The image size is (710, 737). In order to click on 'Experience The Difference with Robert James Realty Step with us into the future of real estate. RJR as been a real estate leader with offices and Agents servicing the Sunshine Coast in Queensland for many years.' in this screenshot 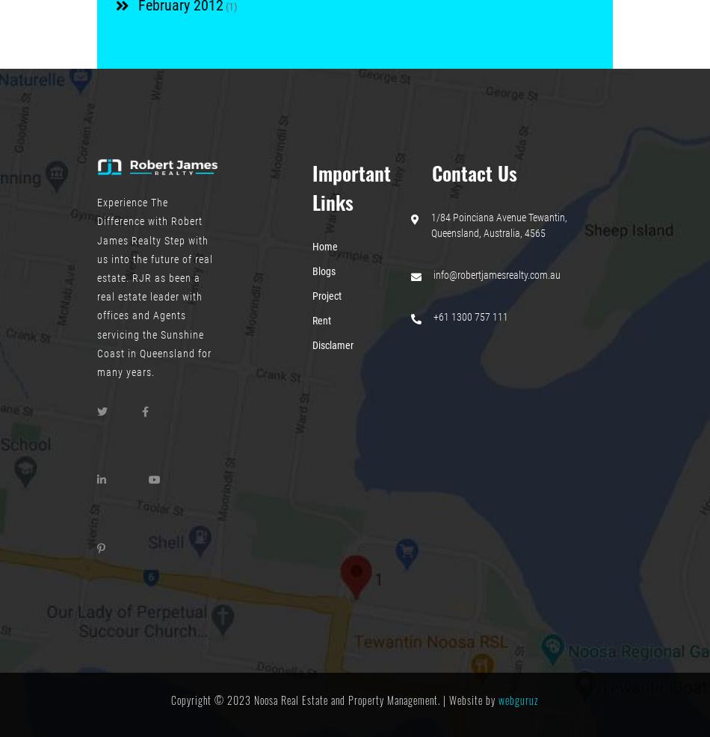, I will do `click(155, 286)`.